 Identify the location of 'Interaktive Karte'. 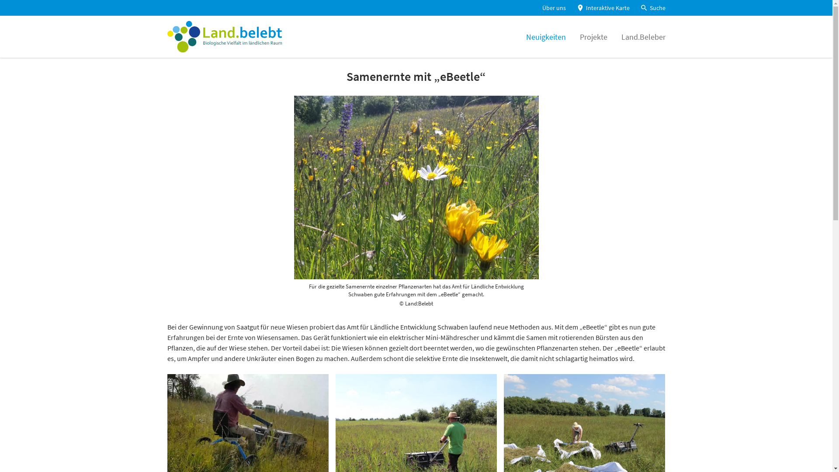
(602, 8).